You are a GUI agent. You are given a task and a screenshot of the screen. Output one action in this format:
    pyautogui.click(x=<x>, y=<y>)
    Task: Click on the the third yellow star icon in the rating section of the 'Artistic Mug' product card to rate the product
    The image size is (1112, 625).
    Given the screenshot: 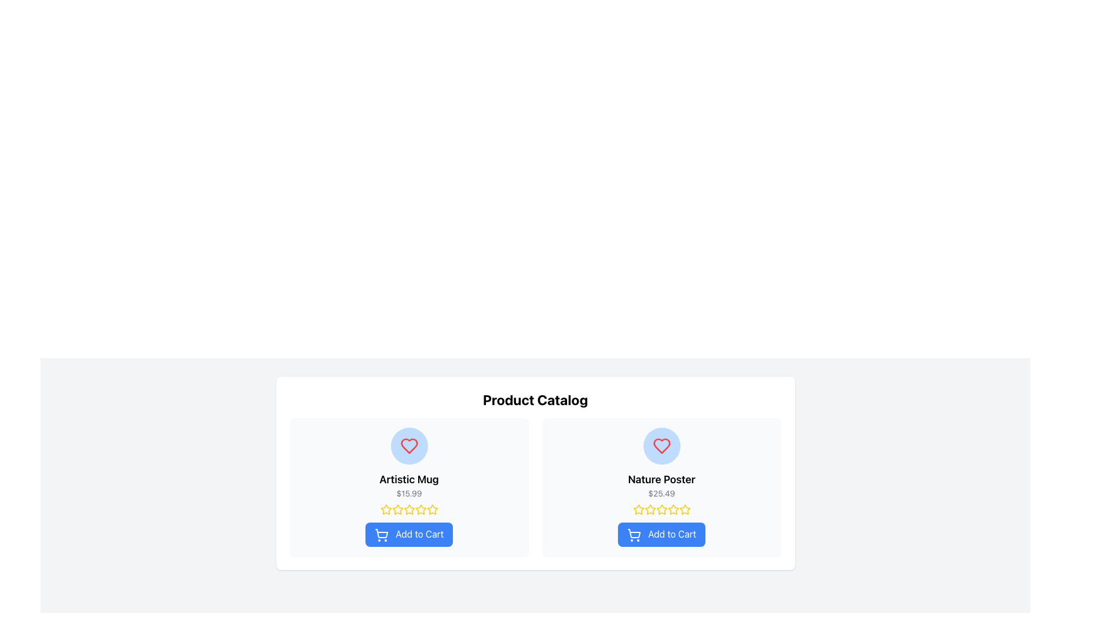 What is the action you would take?
    pyautogui.click(x=397, y=509)
    